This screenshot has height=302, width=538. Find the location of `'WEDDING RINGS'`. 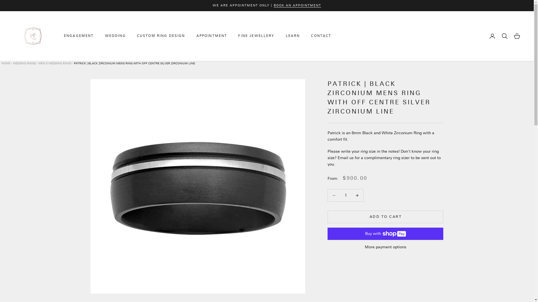

'WEDDING RINGS' is located at coordinates (24, 63).